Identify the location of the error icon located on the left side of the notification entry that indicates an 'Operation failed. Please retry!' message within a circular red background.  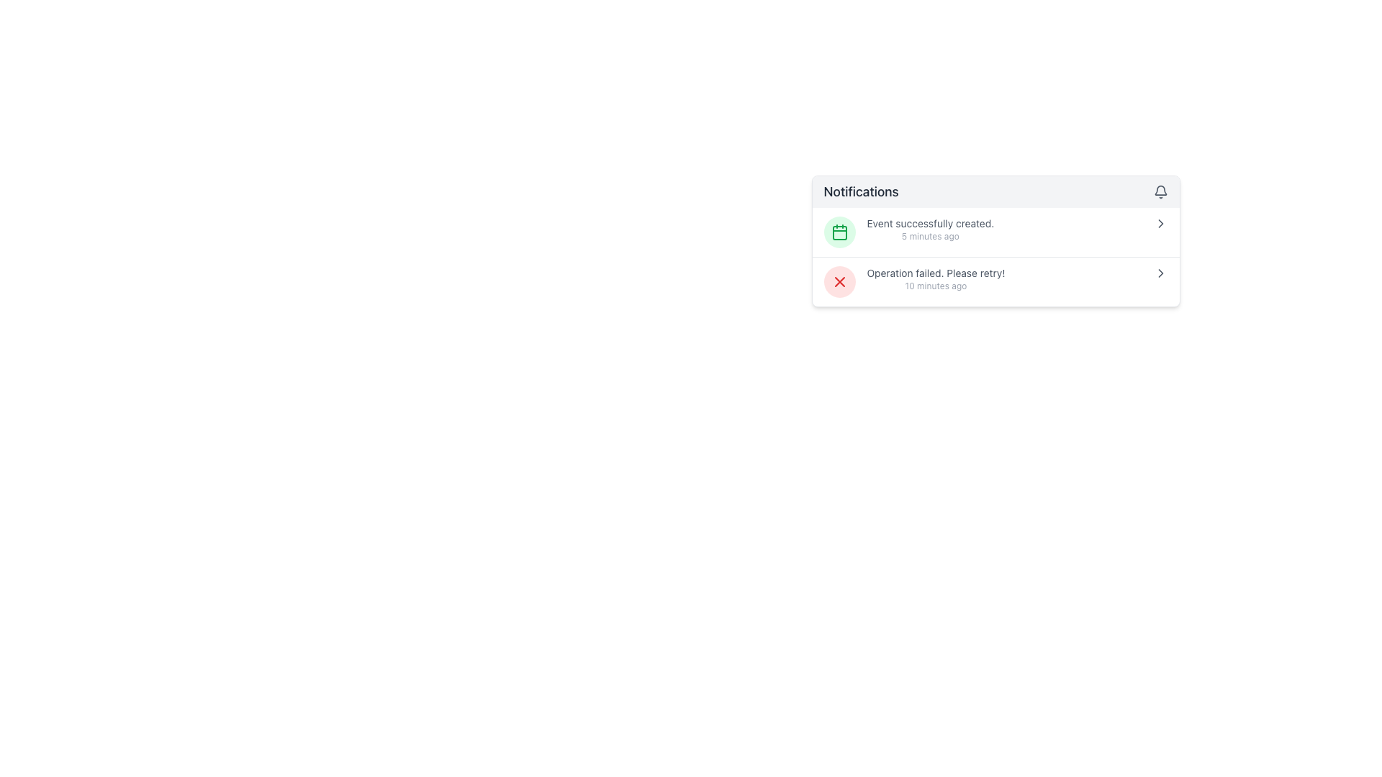
(839, 282).